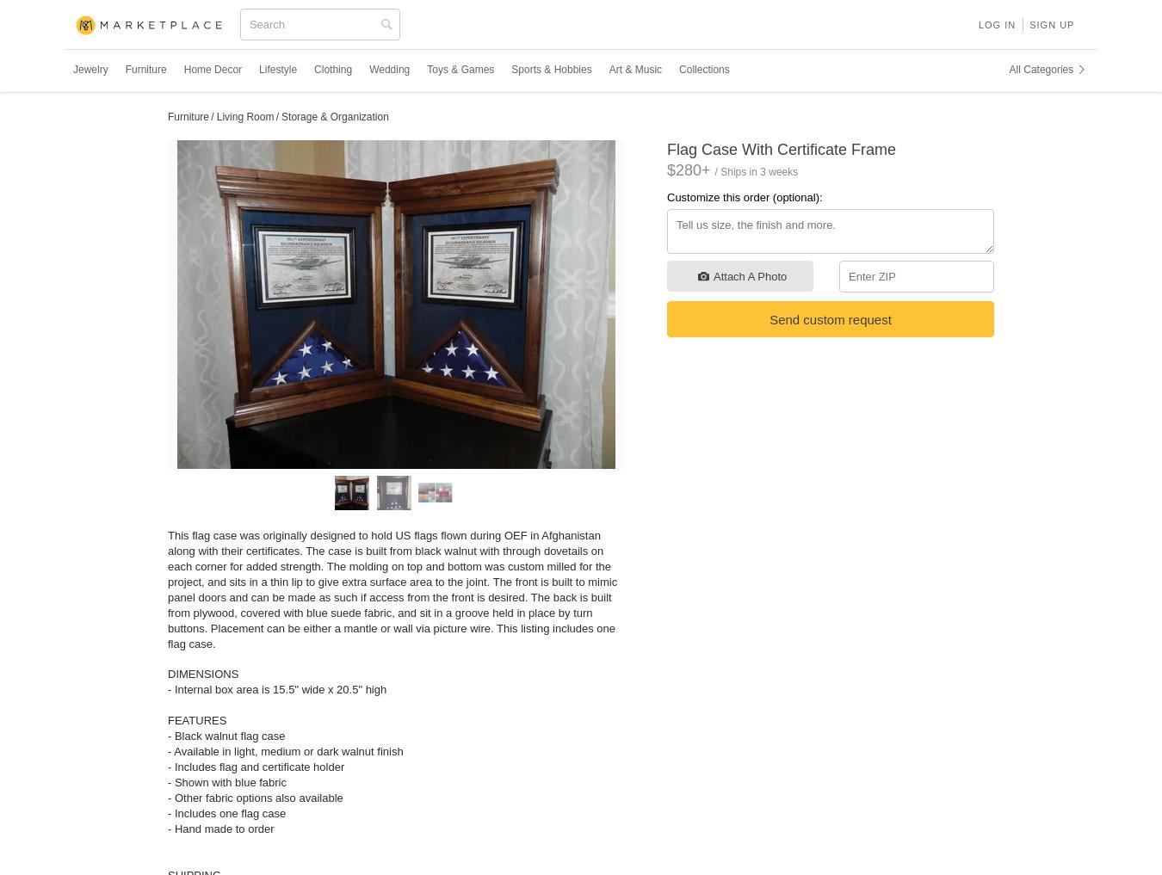 The image size is (1162, 875). Describe the element at coordinates (720, 195) in the screenshot. I see `'Customize this order'` at that location.